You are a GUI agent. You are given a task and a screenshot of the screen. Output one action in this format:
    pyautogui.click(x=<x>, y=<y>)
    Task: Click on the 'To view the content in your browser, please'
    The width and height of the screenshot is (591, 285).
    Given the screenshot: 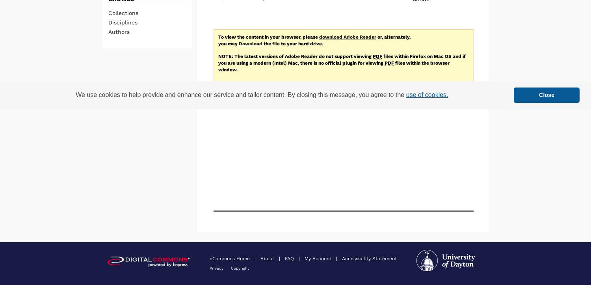 What is the action you would take?
    pyautogui.click(x=269, y=36)
    